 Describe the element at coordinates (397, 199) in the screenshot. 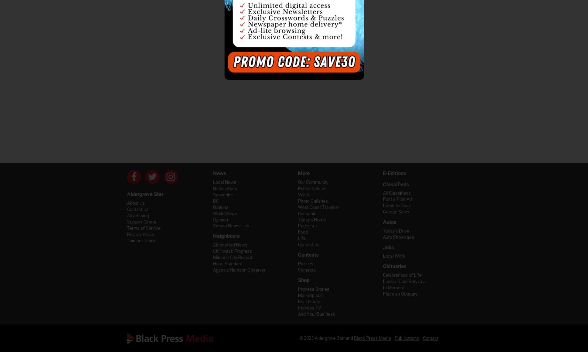

I see `'Post a Print Ad'` at that location.